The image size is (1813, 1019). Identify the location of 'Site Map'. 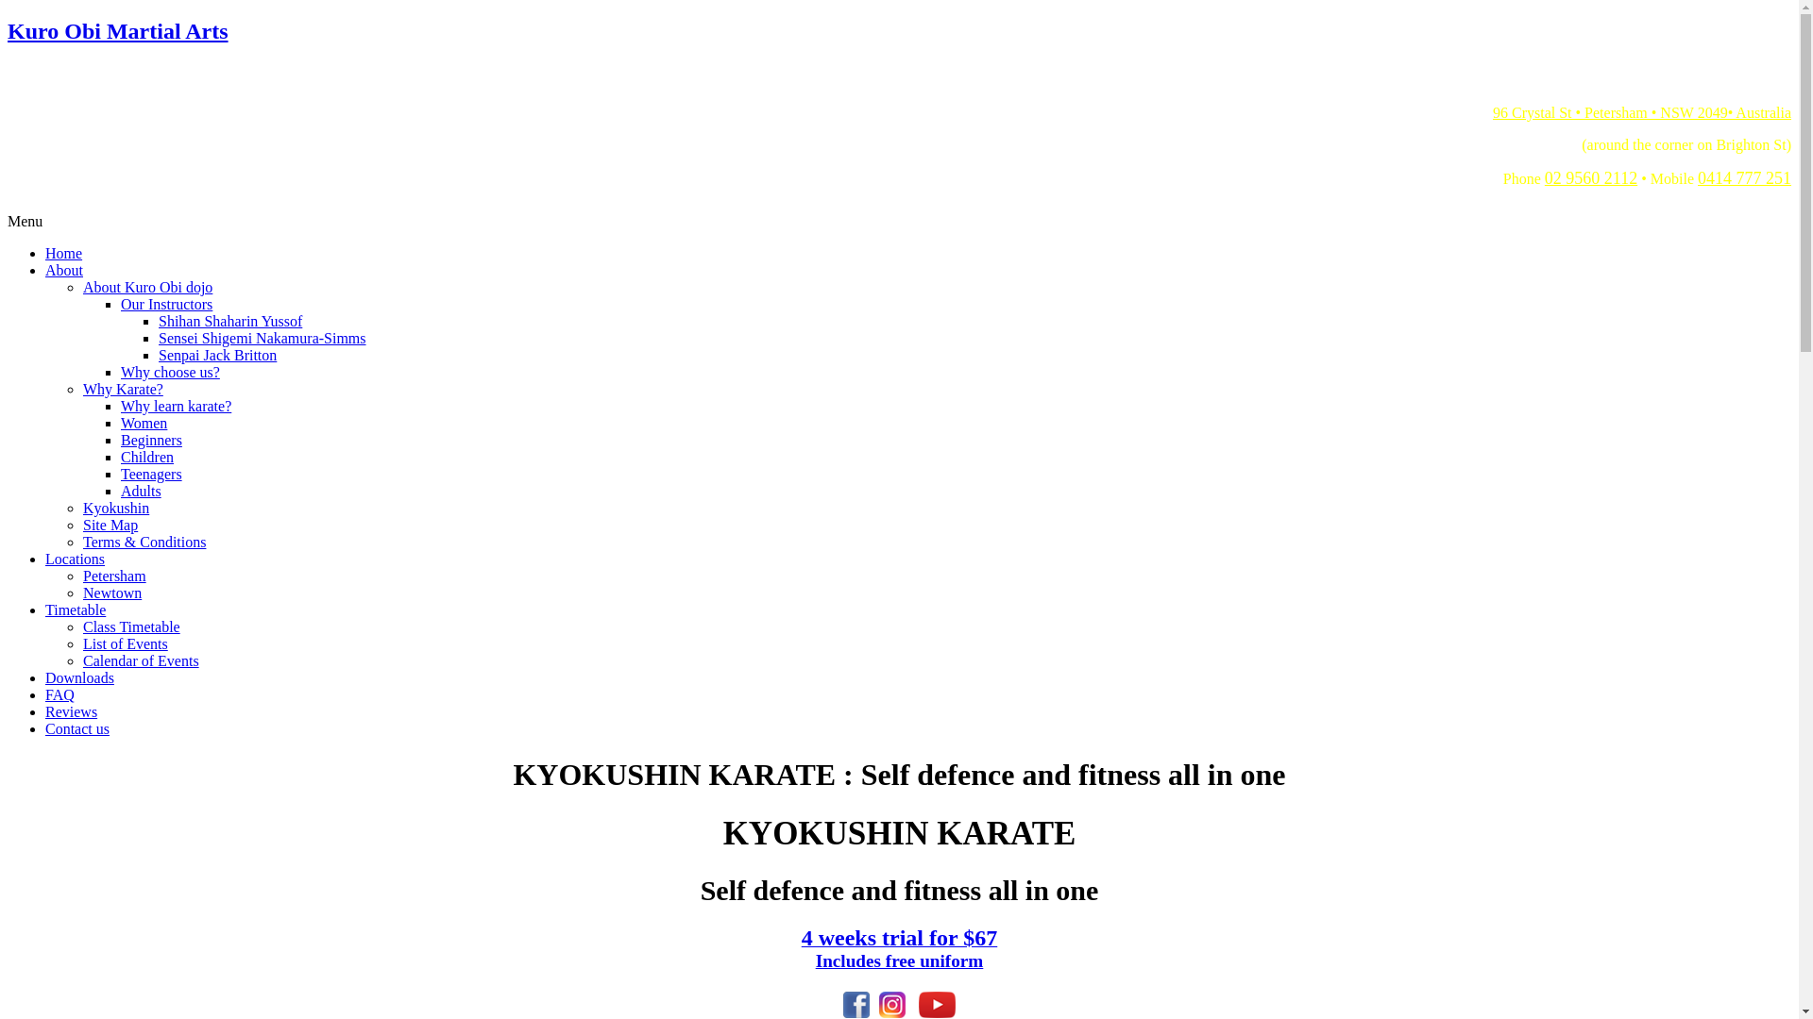
(109, 525).